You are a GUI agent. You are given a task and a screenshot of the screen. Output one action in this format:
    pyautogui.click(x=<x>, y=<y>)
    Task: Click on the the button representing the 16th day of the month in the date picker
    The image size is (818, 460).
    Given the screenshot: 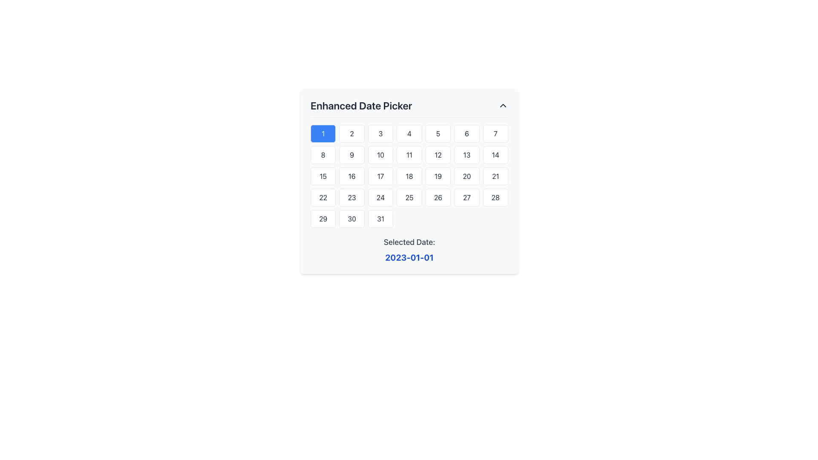 What is the action you would take?
    pyautogui.click(x=352, y=175)
    